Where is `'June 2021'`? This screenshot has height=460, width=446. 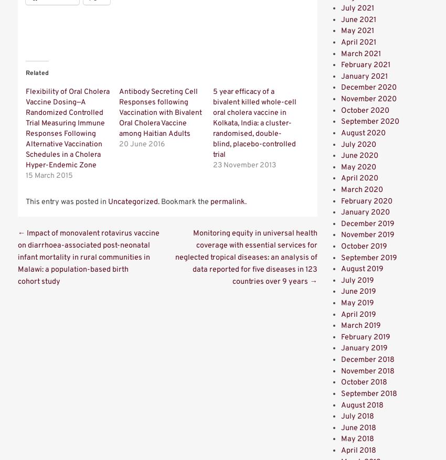 'June 2021' is located at coordinates (358, 19).